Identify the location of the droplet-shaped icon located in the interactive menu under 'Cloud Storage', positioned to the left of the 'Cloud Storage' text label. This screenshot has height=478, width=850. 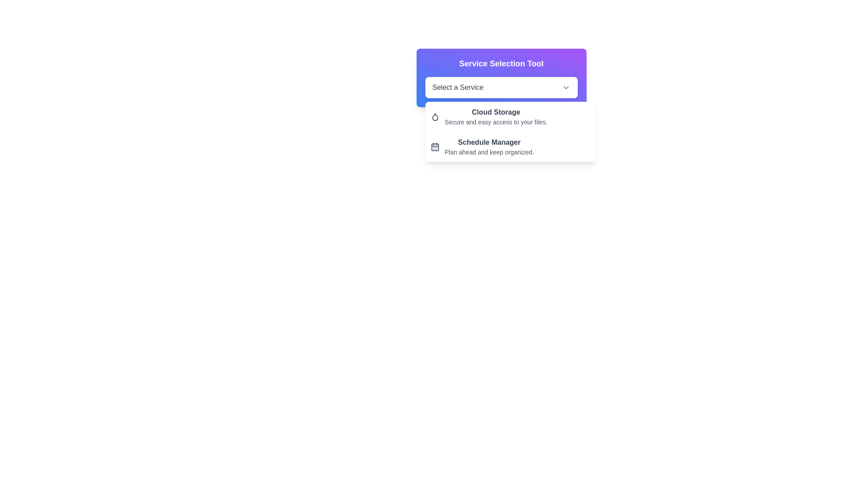
(435, 116).